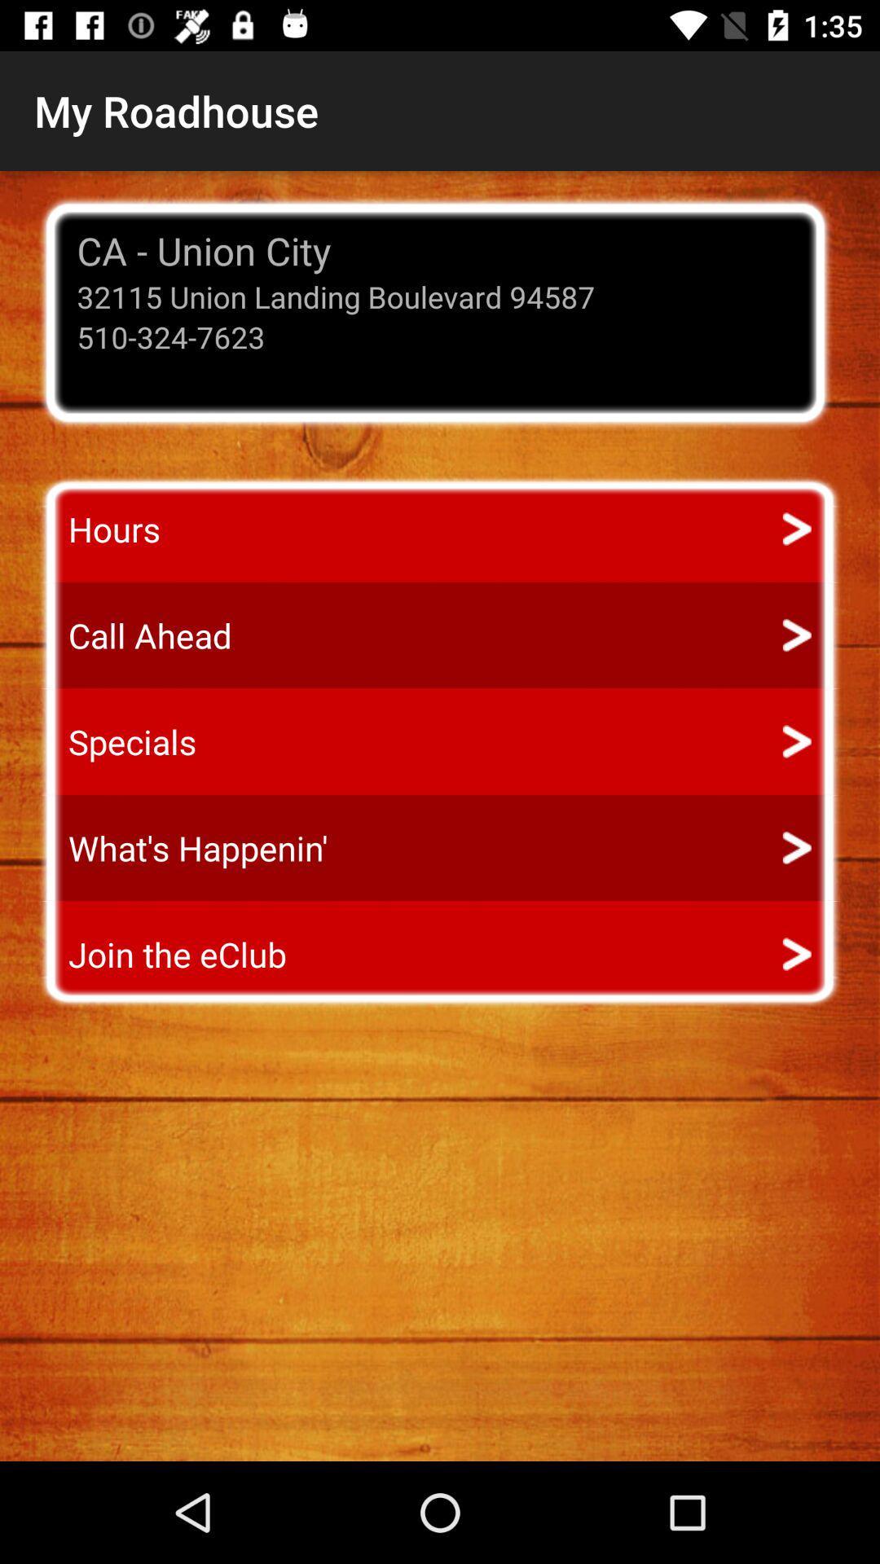  What do you see at coordinates (99, 529) in the screenshot?
I see `the app below the 510-324-7623` at bounding box center [99, 529].